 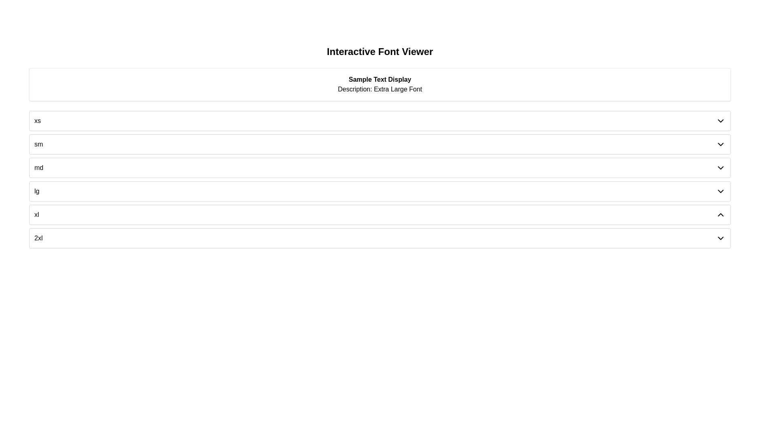 I want to click on the upward-facing chevron icon within the dropdown button associated with the 'xl' label, so click(x=720, y=214).